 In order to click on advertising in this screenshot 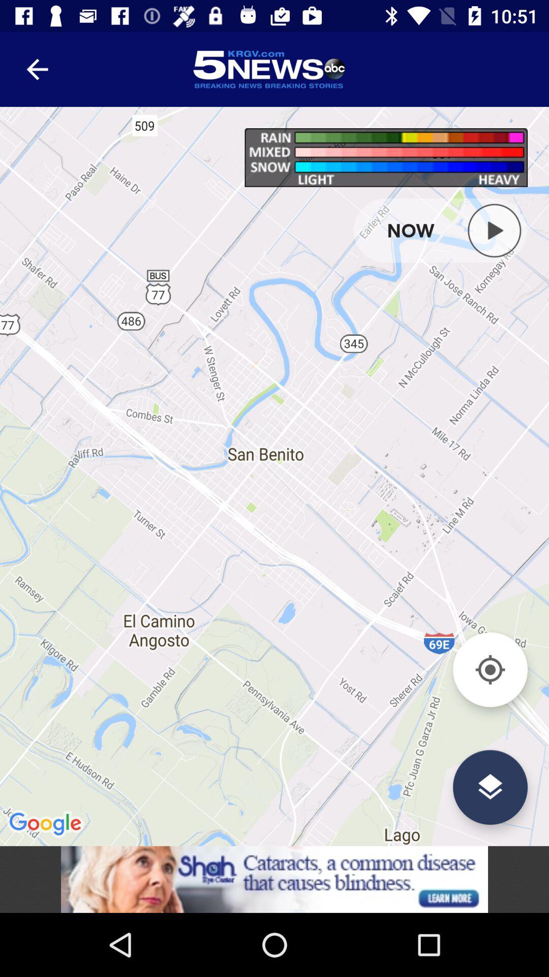, I will do `click(274, 879)`.